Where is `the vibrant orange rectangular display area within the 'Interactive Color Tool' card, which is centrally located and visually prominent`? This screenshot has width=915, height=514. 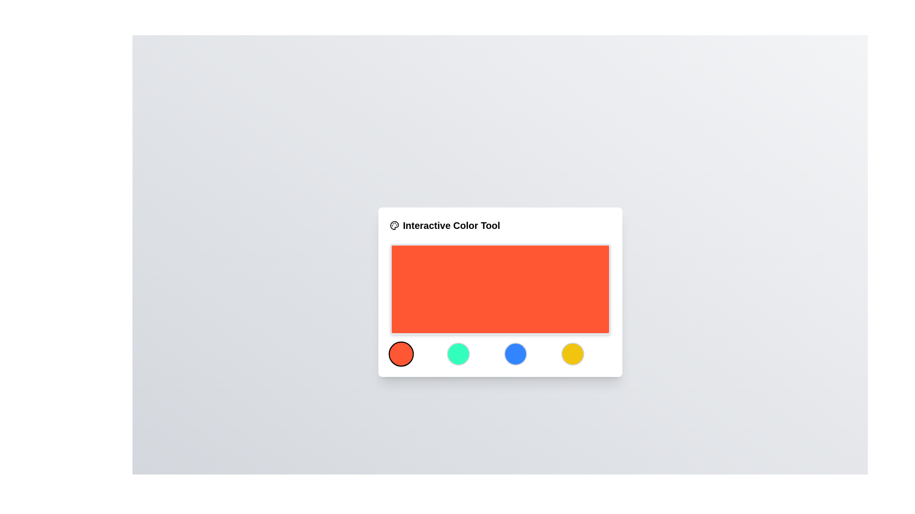 the vibrant orange rectangular display area within the 'Interactive Color Tool' card, which is centrally located and visually prominent is located at coordinates (499, 289).